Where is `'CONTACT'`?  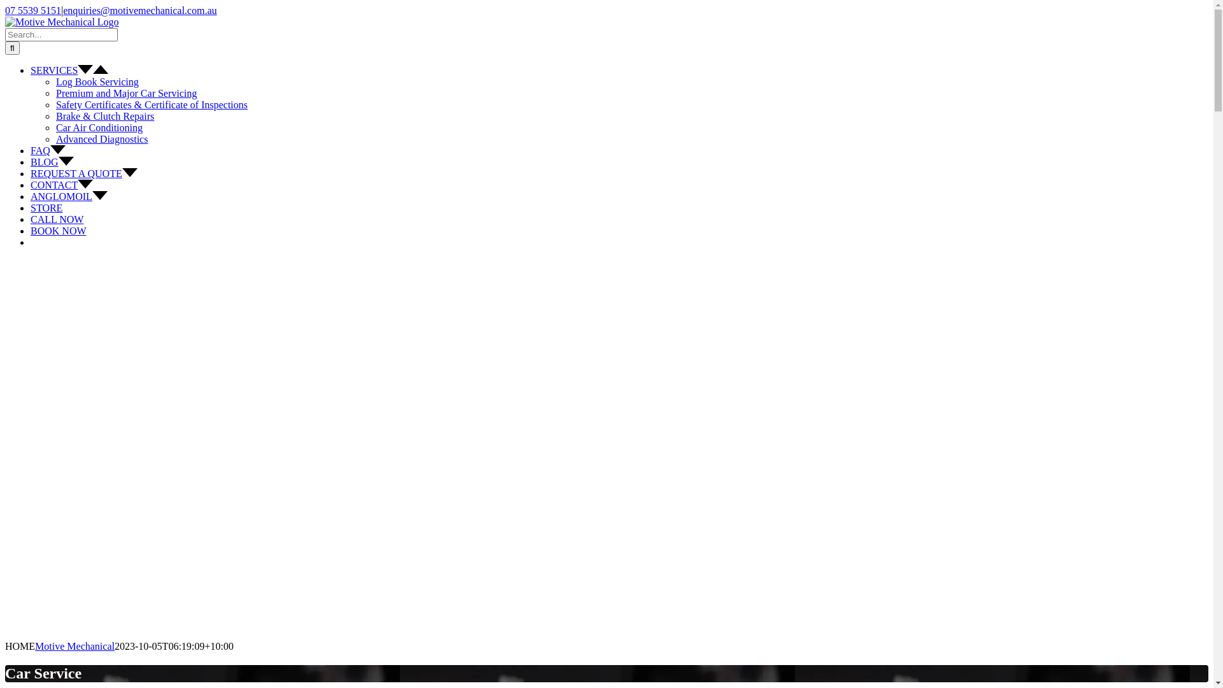 'CONTACT' is located at coordinates (61, 185).